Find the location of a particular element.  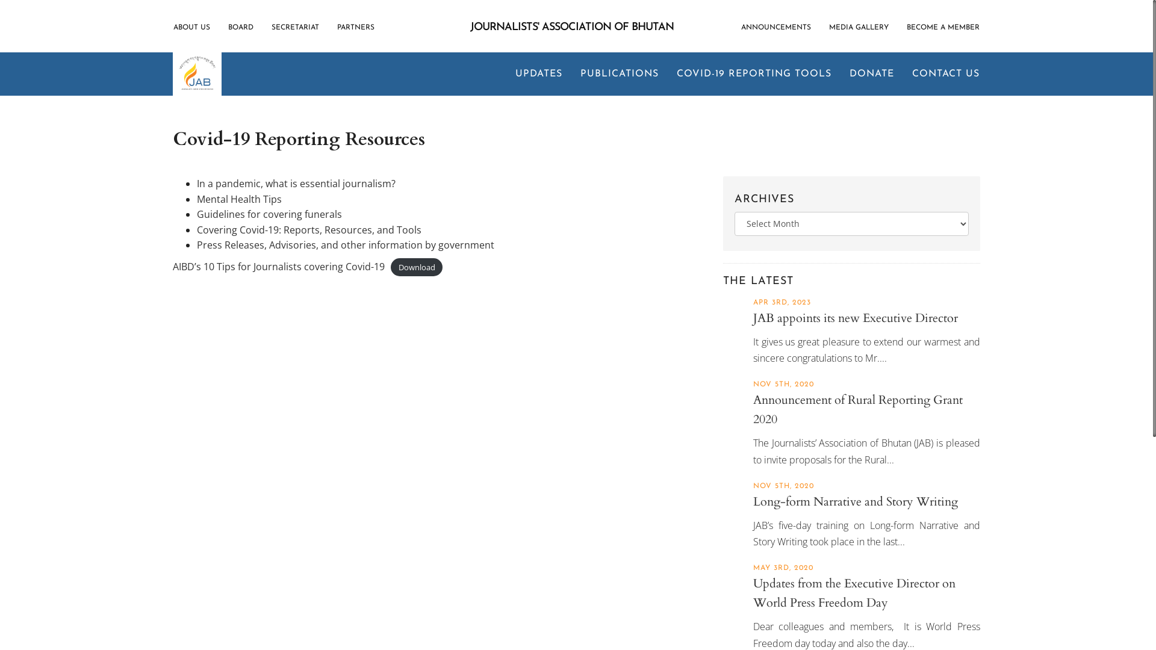

'ABOUT US' is located at coordinates (173, 27).